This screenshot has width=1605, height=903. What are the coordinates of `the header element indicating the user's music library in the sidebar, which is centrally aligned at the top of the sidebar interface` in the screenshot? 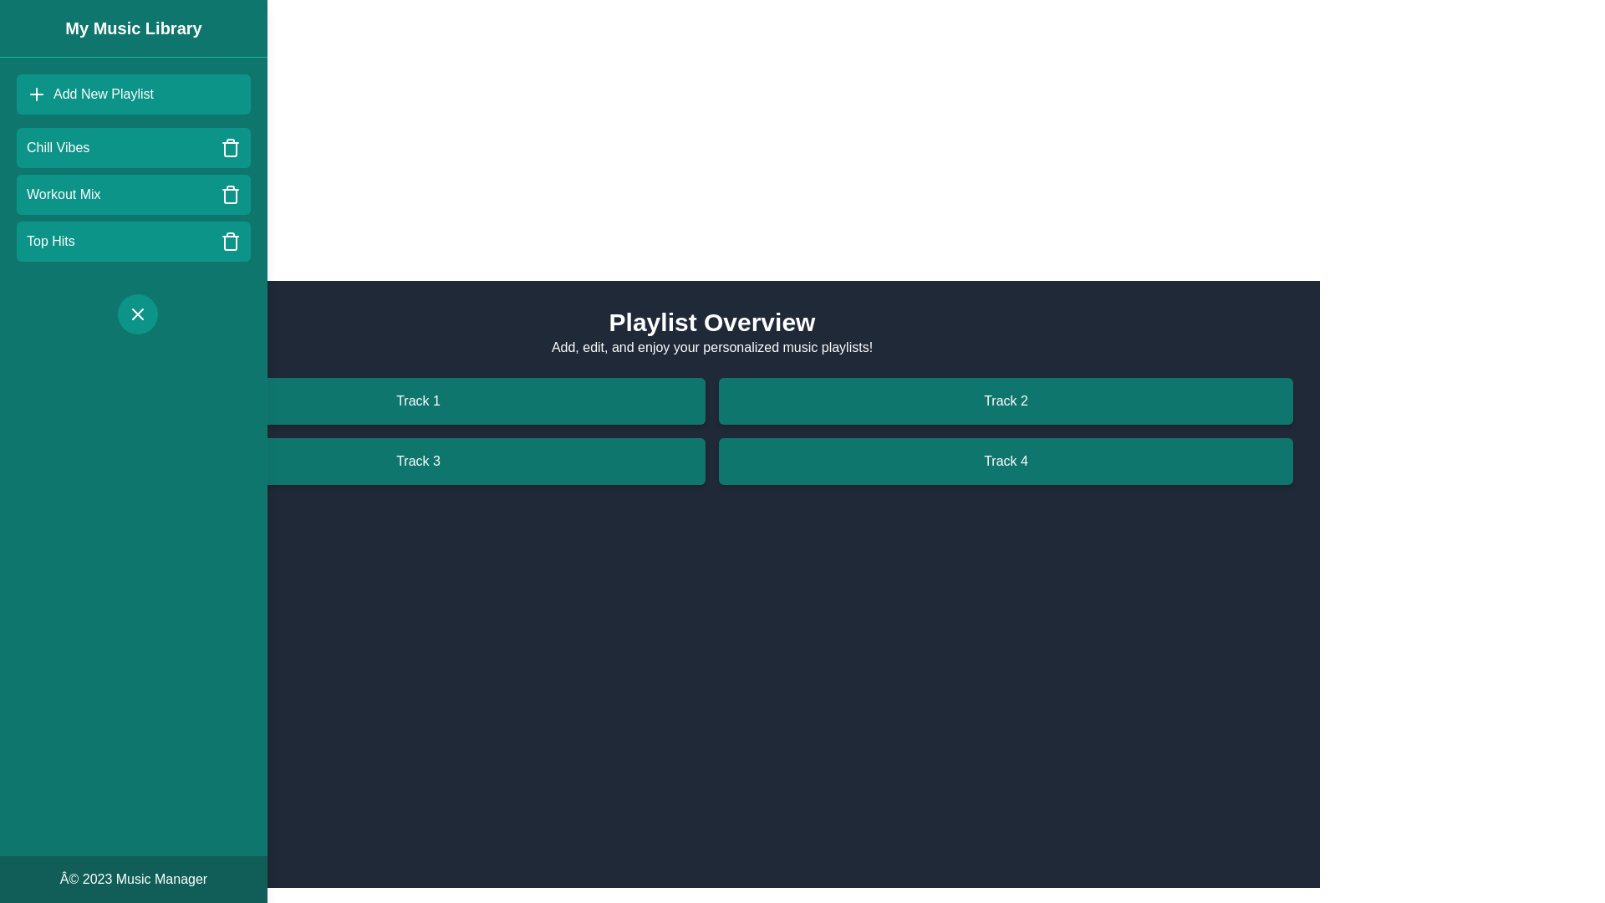 It's located at (132, 28).